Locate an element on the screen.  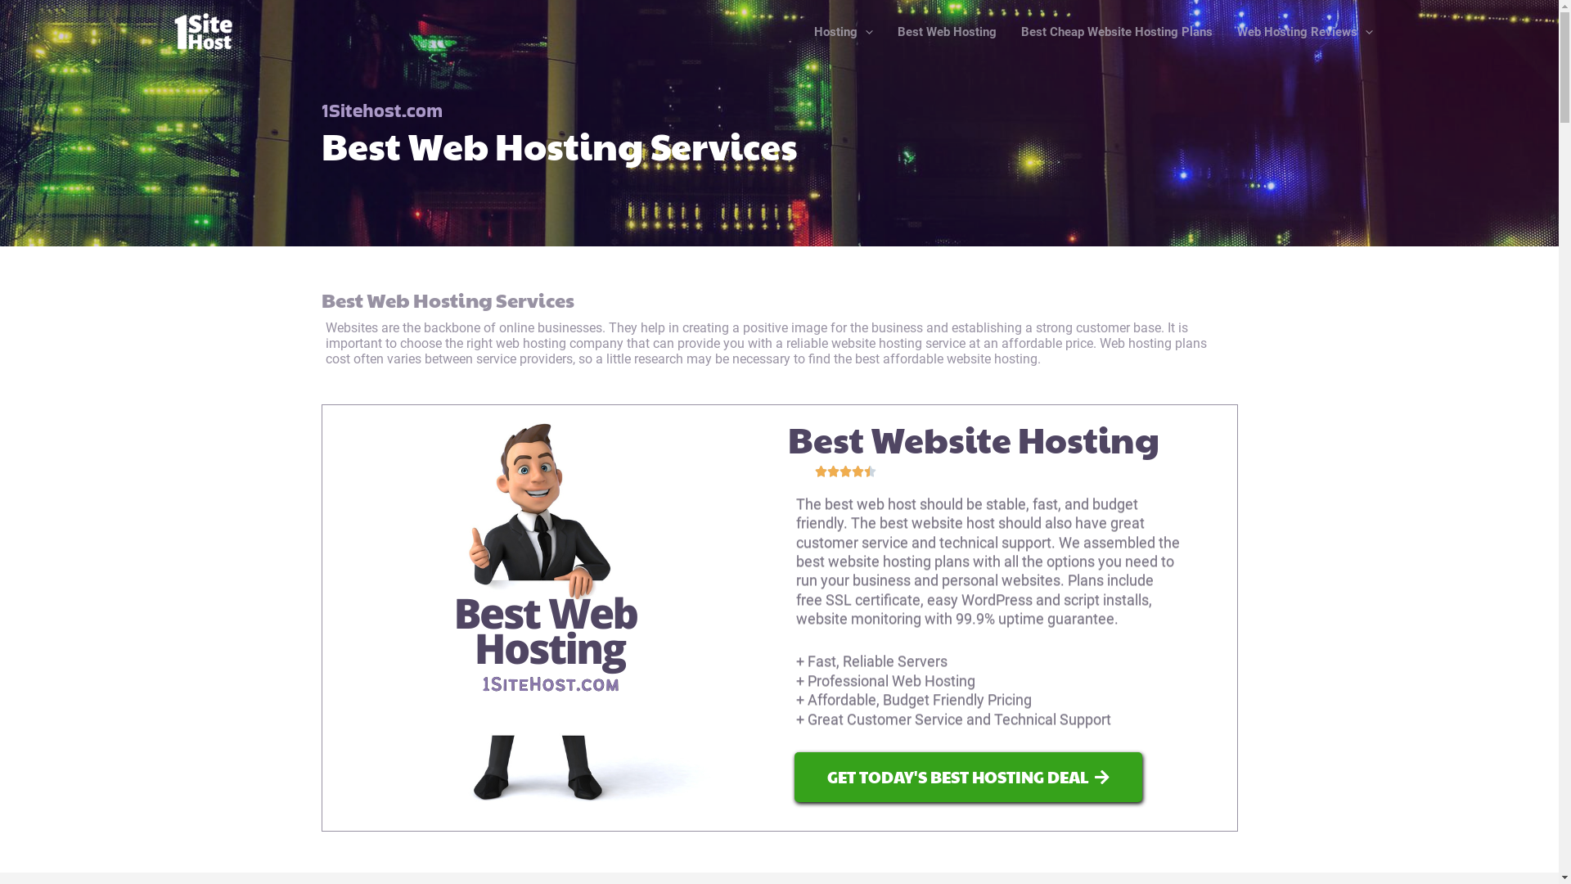
'GET TODAY'S BEST HOSTING DEAL' is located at coordinates (967, 776).